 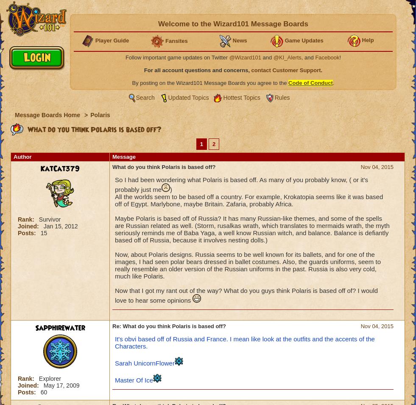 What do you see at coordinates (123, 157) in the screenshot?
I see `'Message'` at bounding box center [123, 157].